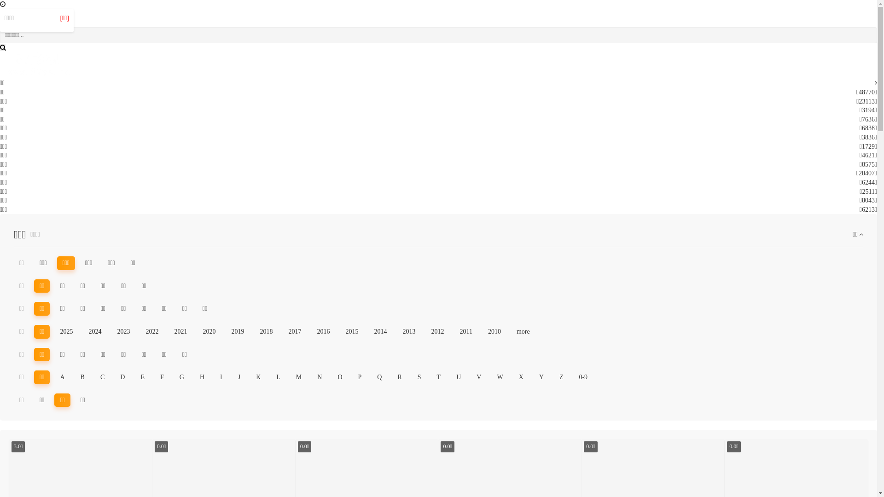 This screenshot has width=884, height=497. I want to click on 'T', so click(438, 377).